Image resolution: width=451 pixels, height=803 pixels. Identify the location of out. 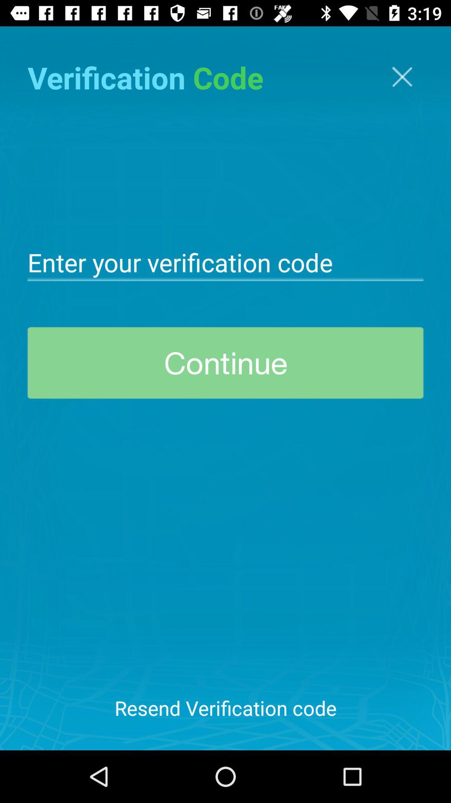
(402, 77).